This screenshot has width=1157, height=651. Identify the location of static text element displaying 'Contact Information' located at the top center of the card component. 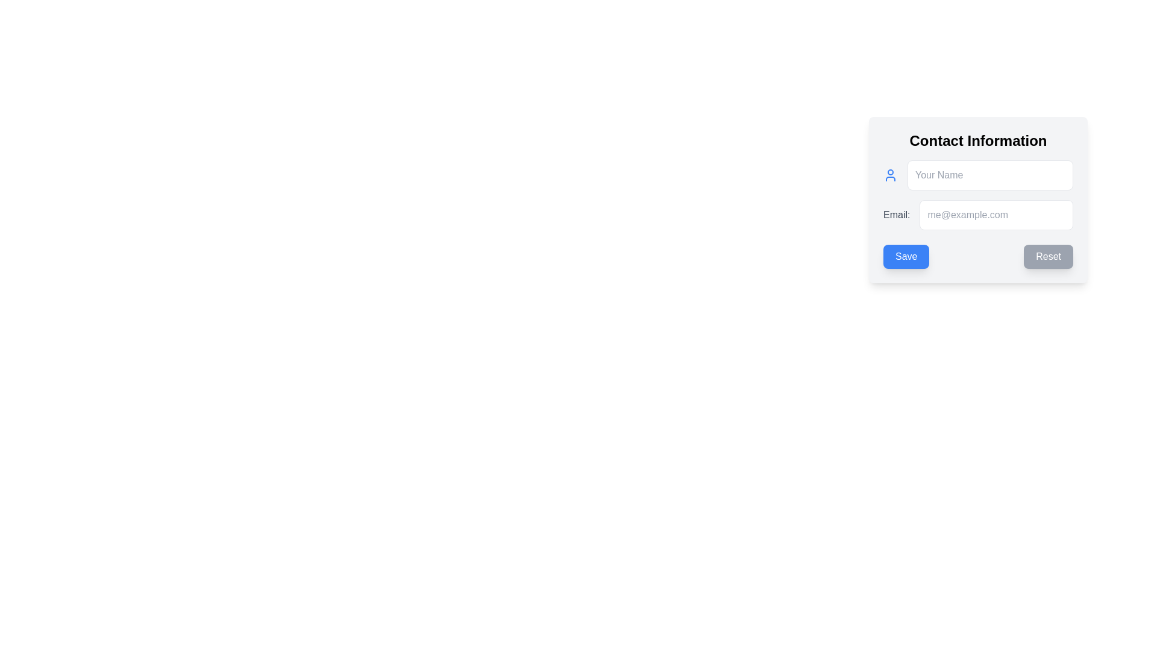
(978, 140).